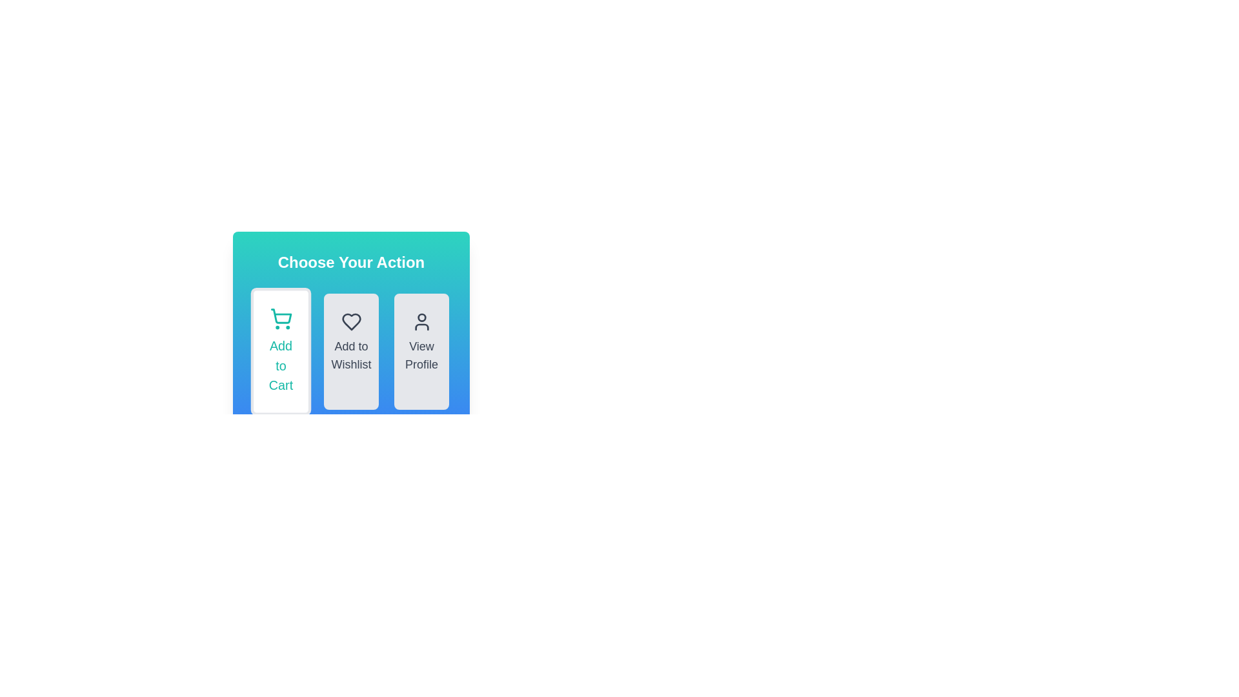 The image size is (1239, 697). What do you see at coordinates (421, 356) in the screenshot?
I see `the 'View Profile' text label, which is displayed in a medium-sized modern font within a card-like structure, to receive additional information` at bounding box center [421, 356].